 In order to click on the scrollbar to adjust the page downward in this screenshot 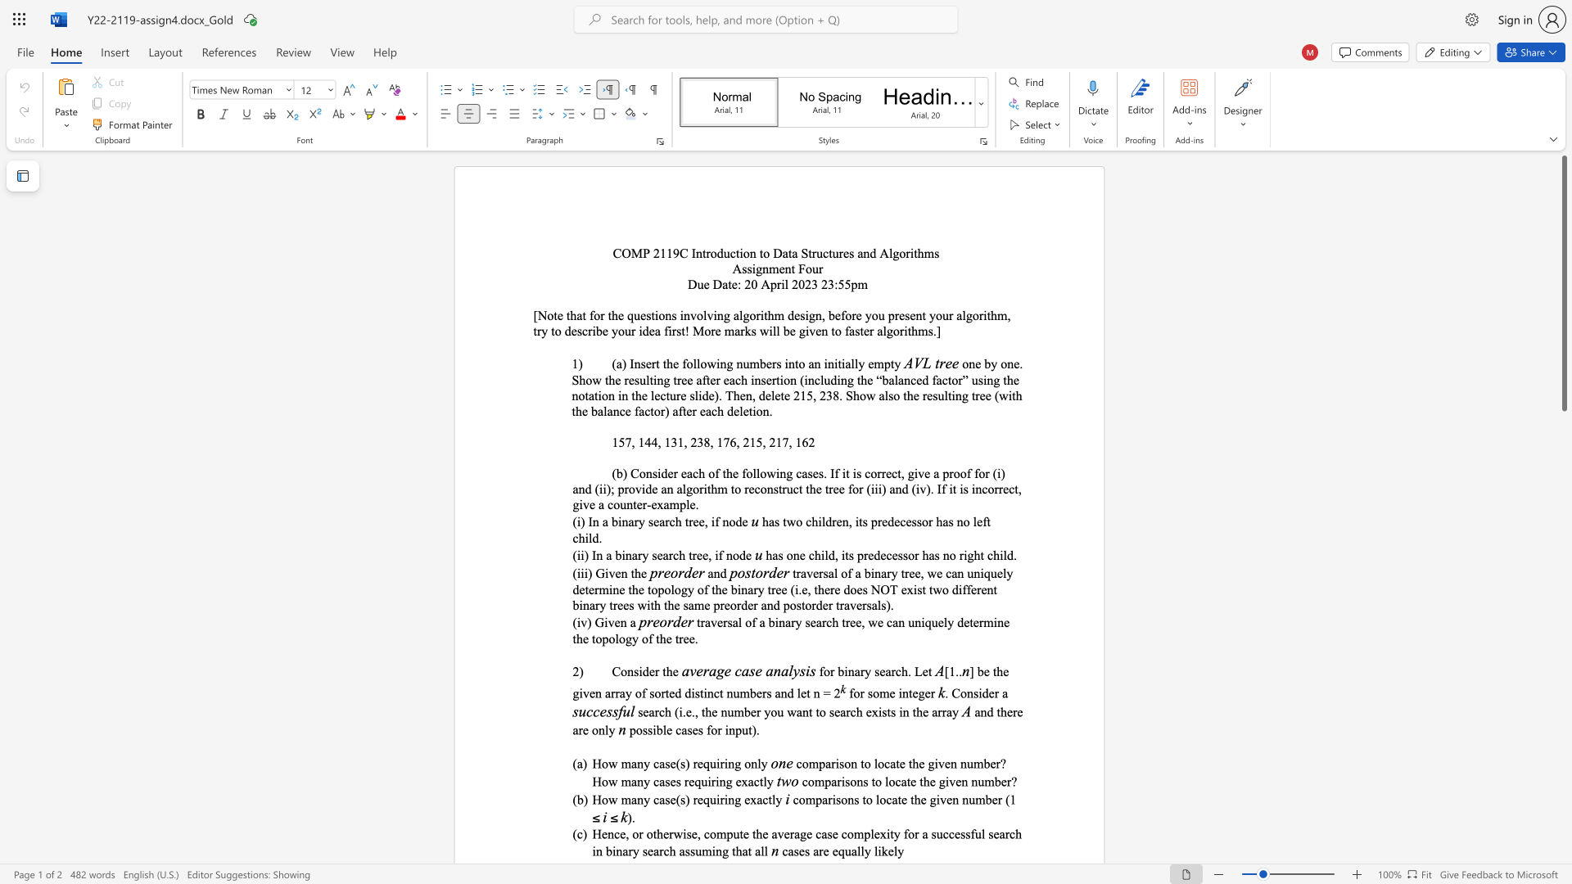, I will do `click(1563, 769)`.